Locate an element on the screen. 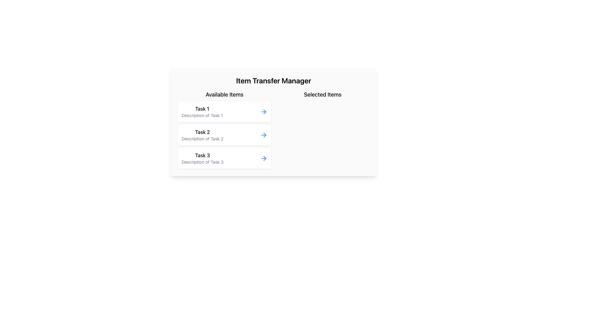 Image resolution: width=589 pixels, height=331 pixels. the text label component that provides a short descriptive text about 'Task 2', located centrally within the 'Available Items' section, directly below the bolded 'Task 2' title is located at coordinates (202, 139).